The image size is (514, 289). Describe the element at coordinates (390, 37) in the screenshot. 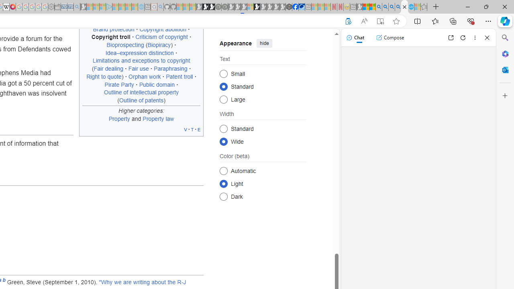

I see `'Compose'` at that location.